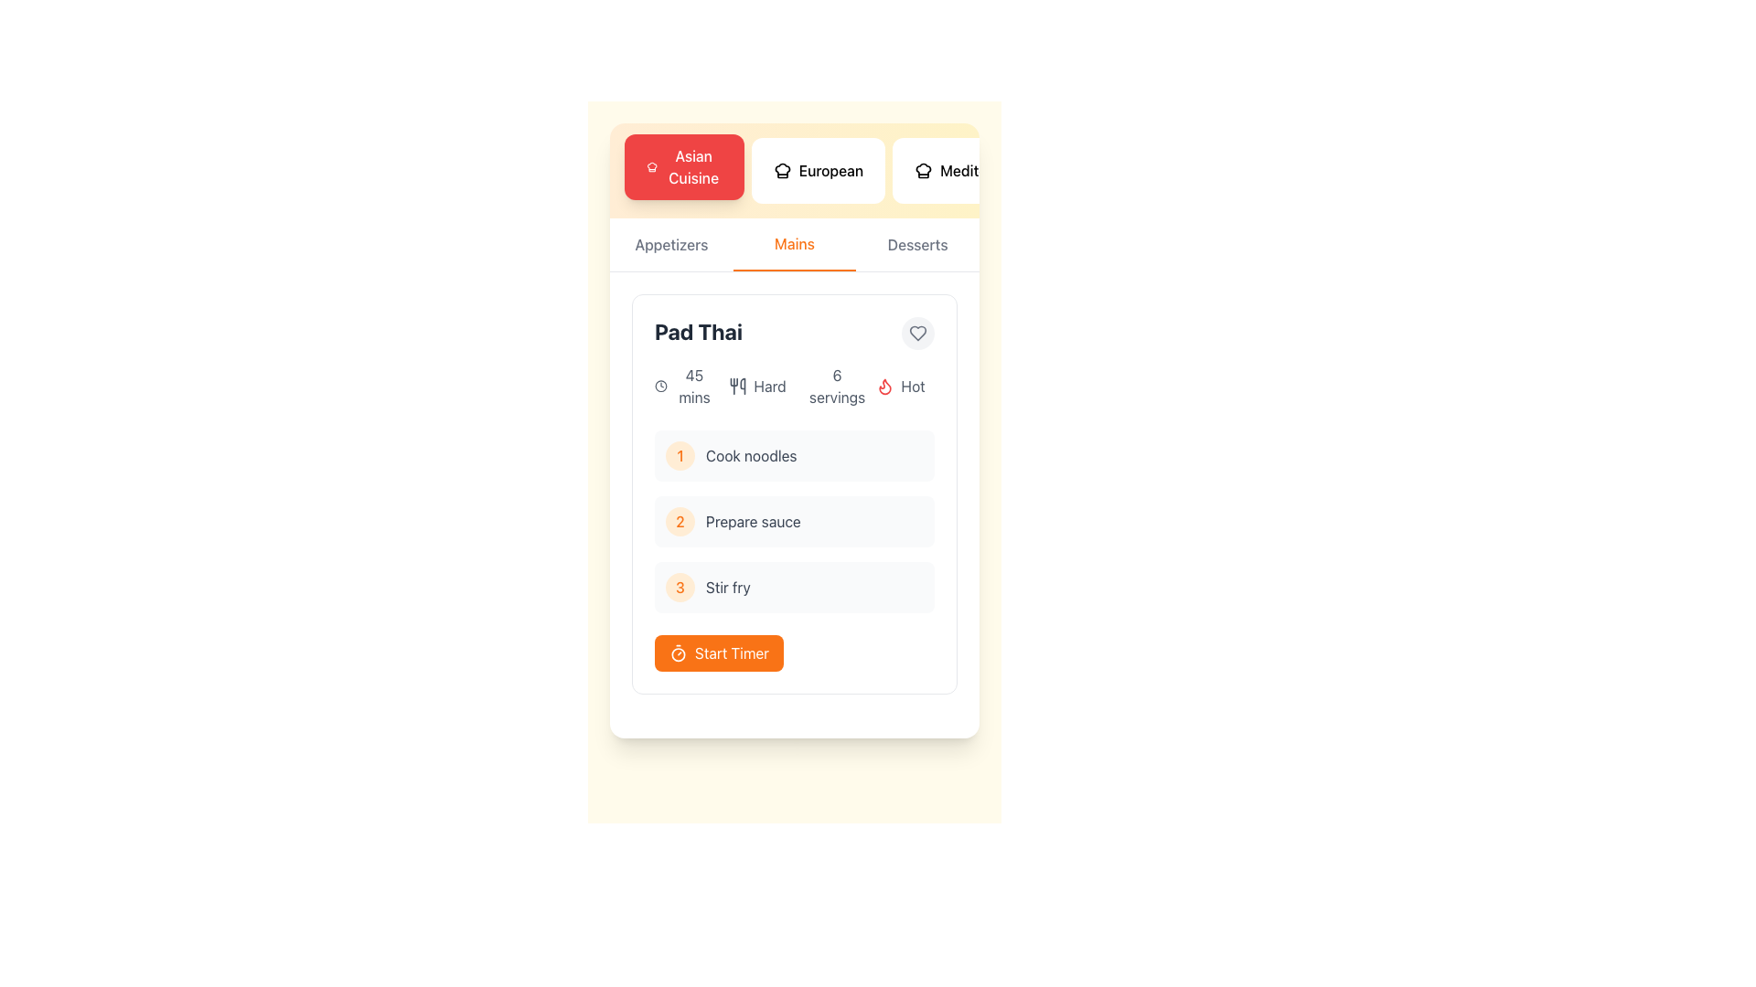 The width and height of the screenshot is (1756, 987). I want to click on the cooking timer button located at the bottom of the 'Pad Thai' section to trigger hover effects, so click(794, 652).